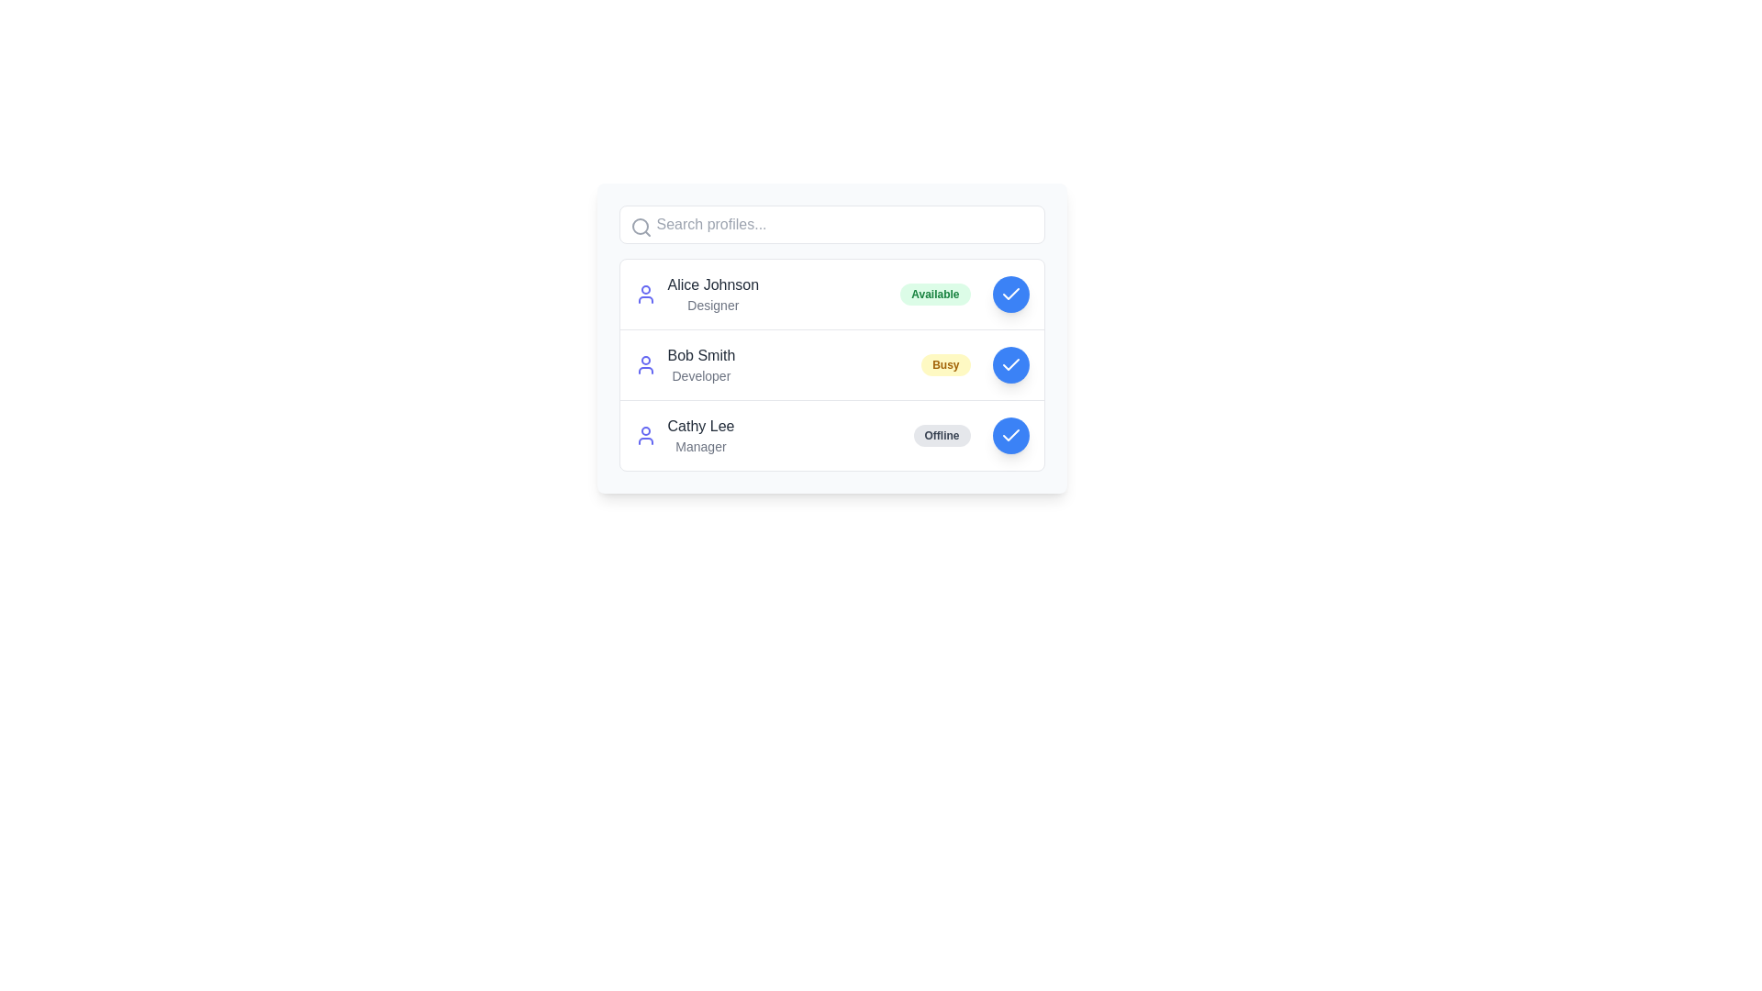 This screenshot has height=991, width=1762. Describe the element at coordinates (942, 435) in the screenshot. I see `the static status label indicating 'Offline' for the user 'Cathy Lee', which is positioned immediately before a round blue button on the far right` at that location.